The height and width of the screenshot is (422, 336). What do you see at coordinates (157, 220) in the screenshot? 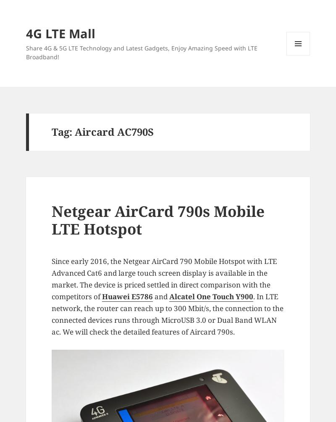
I see `'Netgear AirCard 790s Mobile LTE Hotspot'` at bounding box center [157, 220].